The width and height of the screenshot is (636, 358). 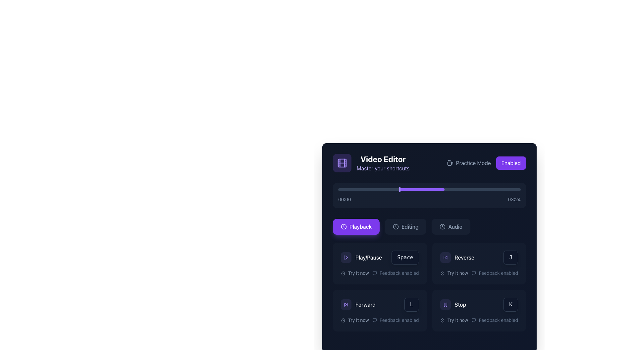 What do you see at coordinates (380, 263) in the screenshot?
I see `the interactive card element located in the first row, first column of the Video Editor interface` at bounding box center [380, 263].